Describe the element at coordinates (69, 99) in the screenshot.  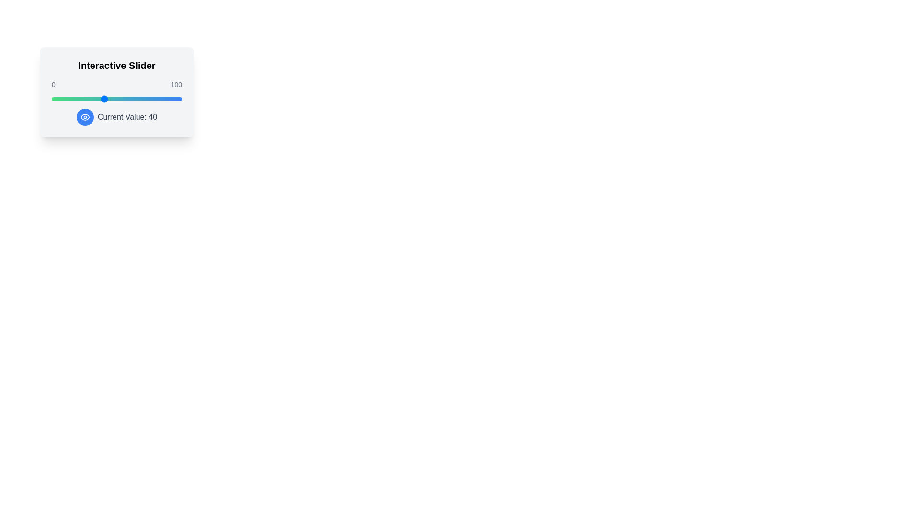
I see `the slider to set its value to 14` at that location.